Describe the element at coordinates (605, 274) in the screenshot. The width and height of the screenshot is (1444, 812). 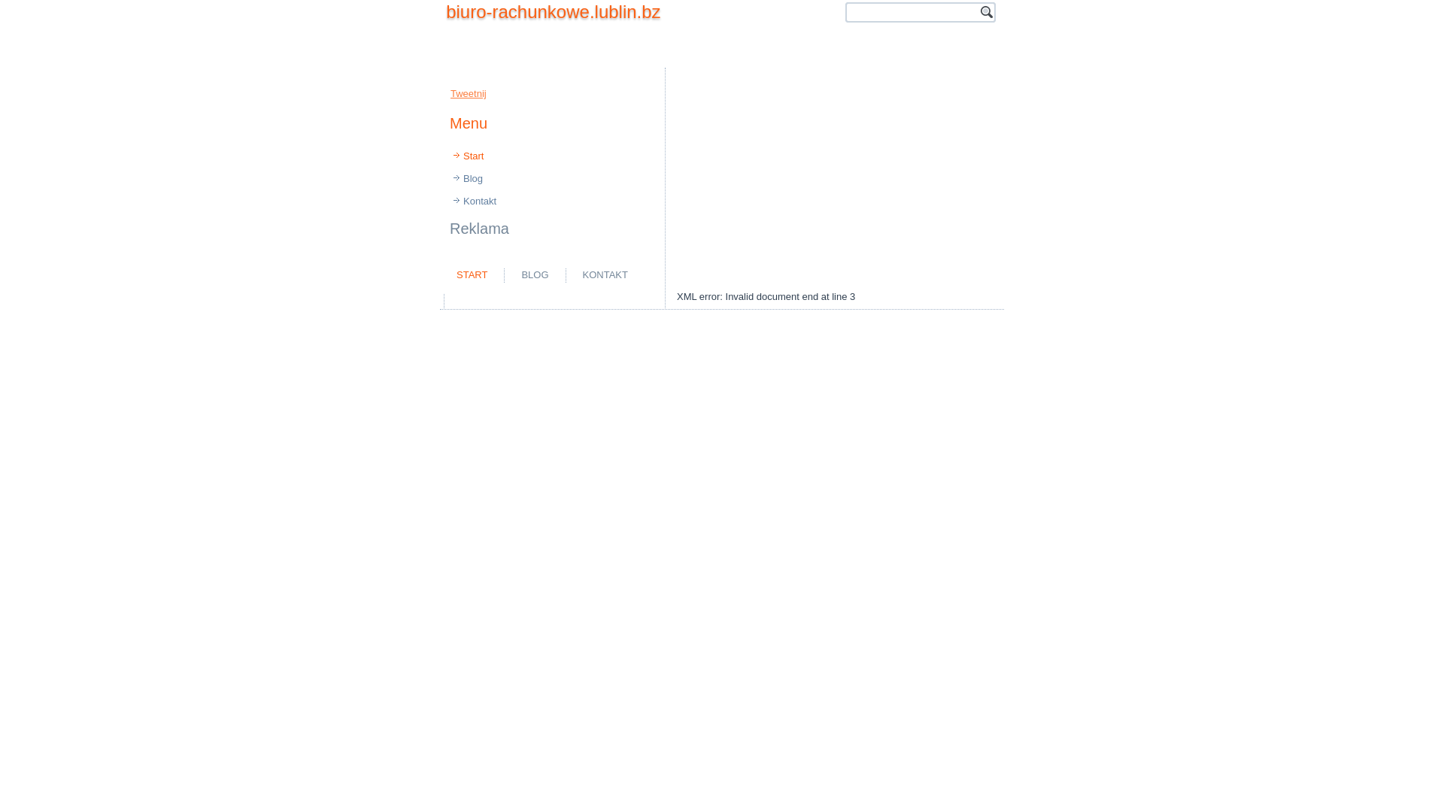
I see `'KONTAKT'` at that location.